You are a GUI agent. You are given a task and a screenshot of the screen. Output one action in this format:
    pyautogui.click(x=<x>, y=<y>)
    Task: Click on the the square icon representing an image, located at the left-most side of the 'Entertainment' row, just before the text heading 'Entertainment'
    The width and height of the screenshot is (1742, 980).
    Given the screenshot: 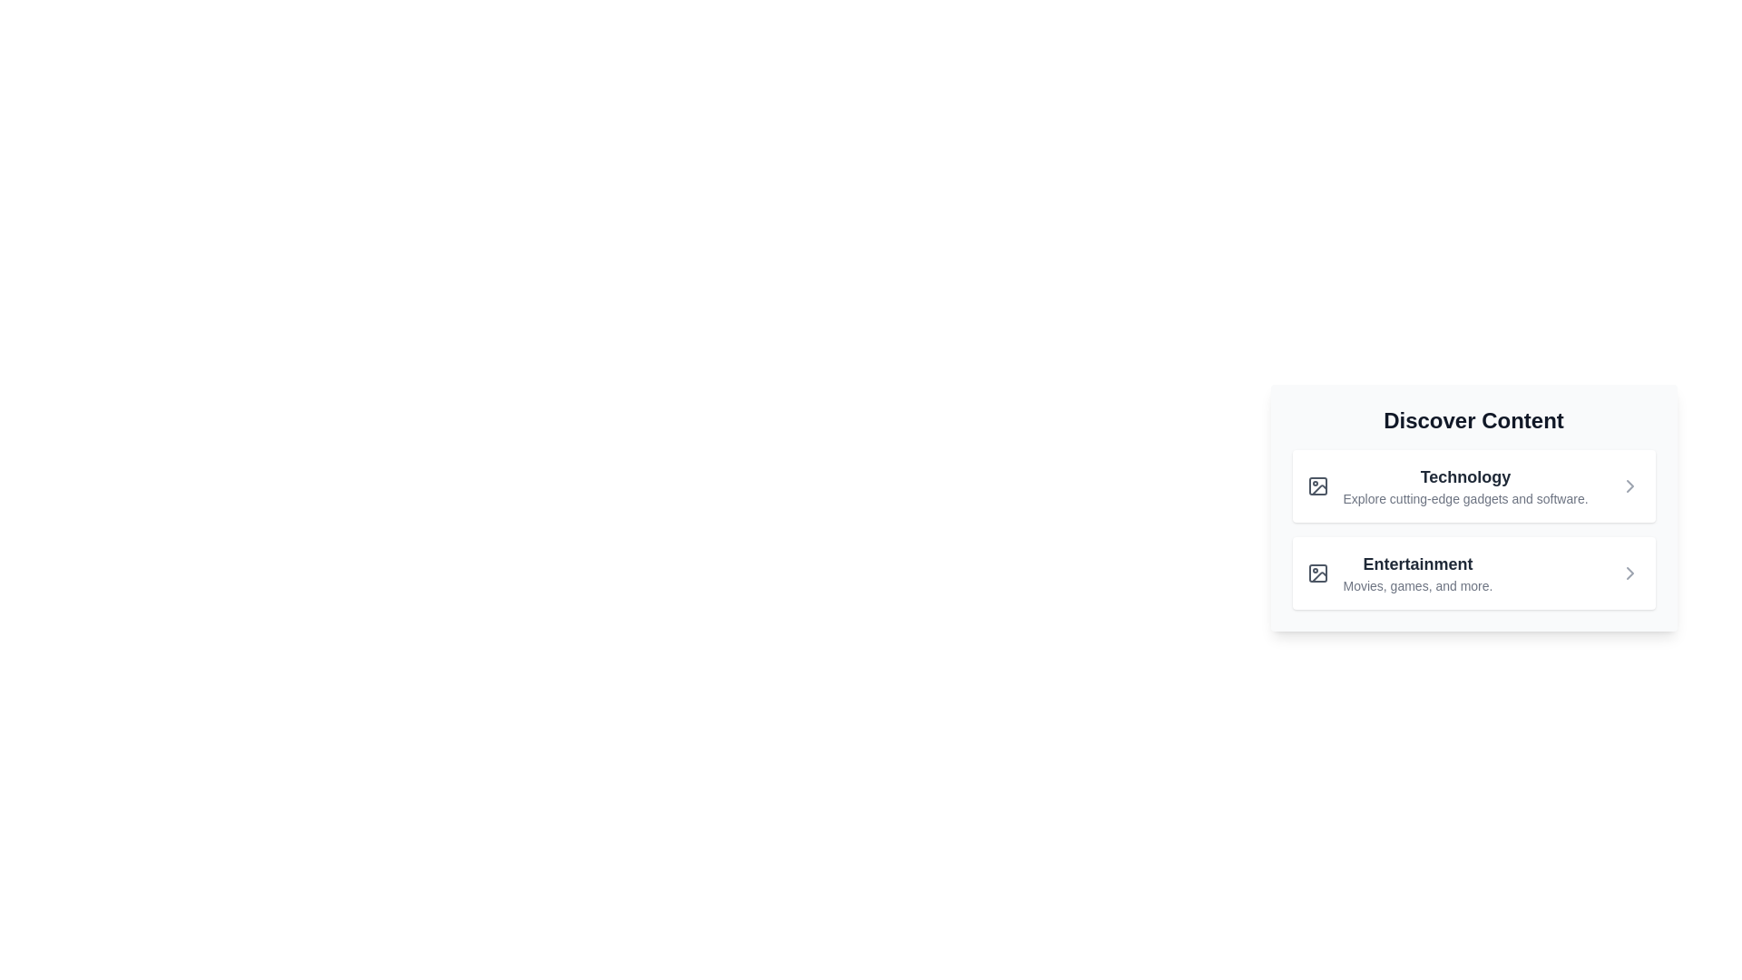 What is the action you would take?
    pyautogui.click(x=1317, y=573)
    